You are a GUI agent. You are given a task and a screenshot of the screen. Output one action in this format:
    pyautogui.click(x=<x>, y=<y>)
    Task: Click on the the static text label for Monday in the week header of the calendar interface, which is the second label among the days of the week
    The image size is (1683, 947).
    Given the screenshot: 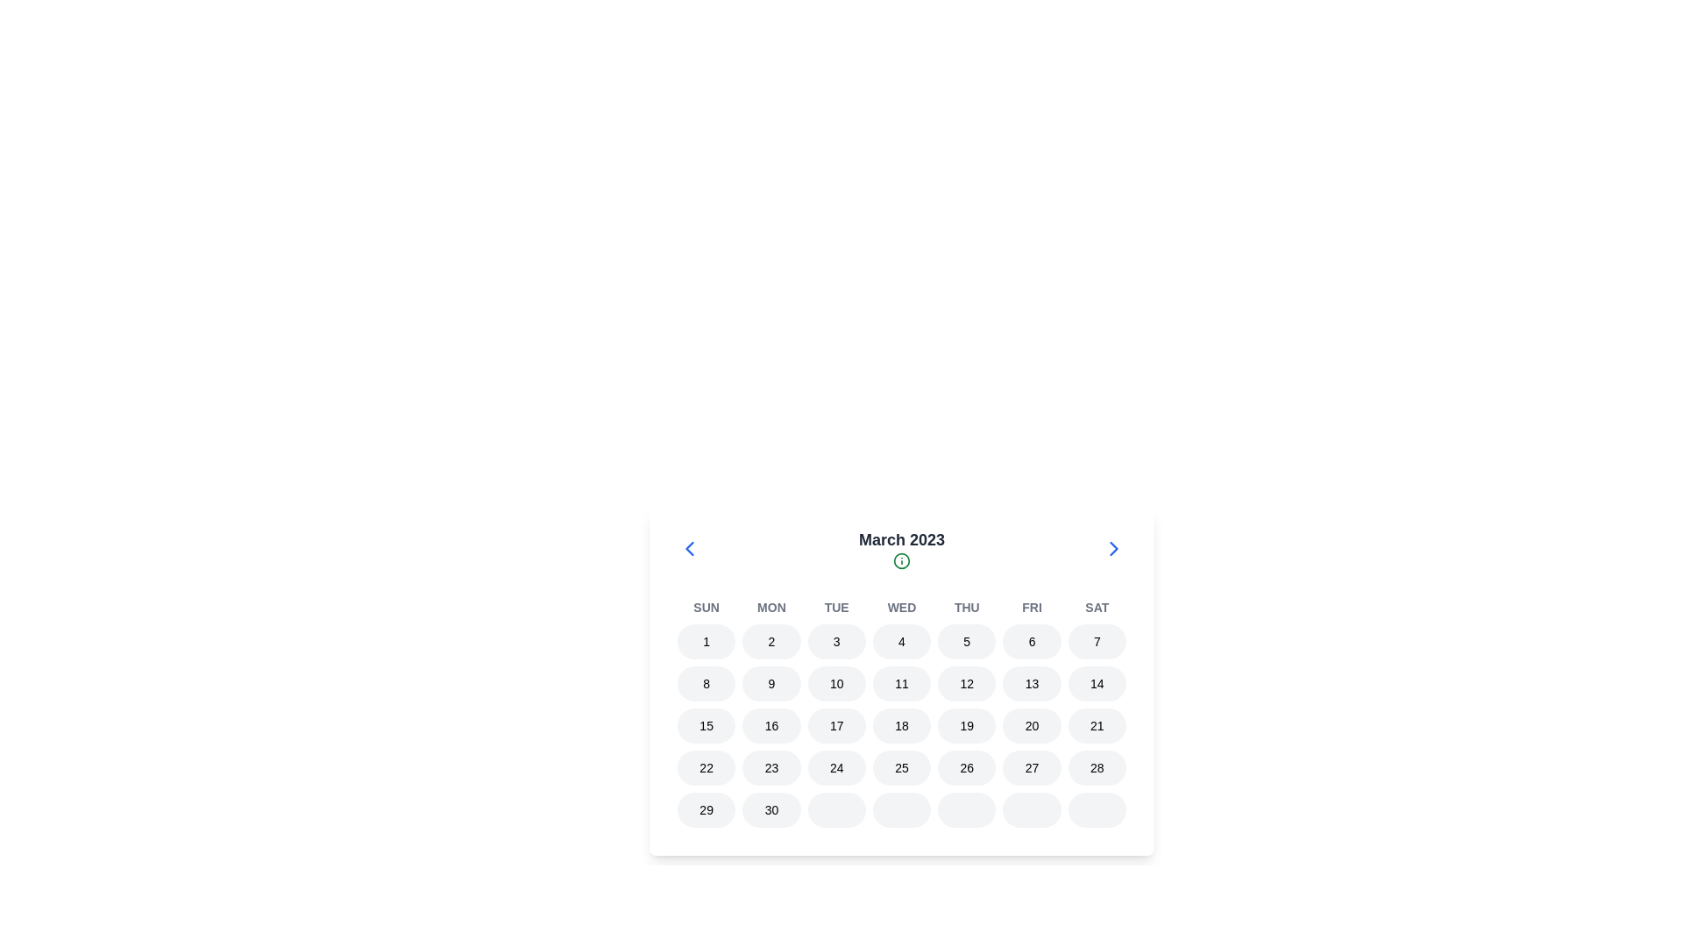 What is the action you would take?
    pyautogui.click(x=771, y=607)
    